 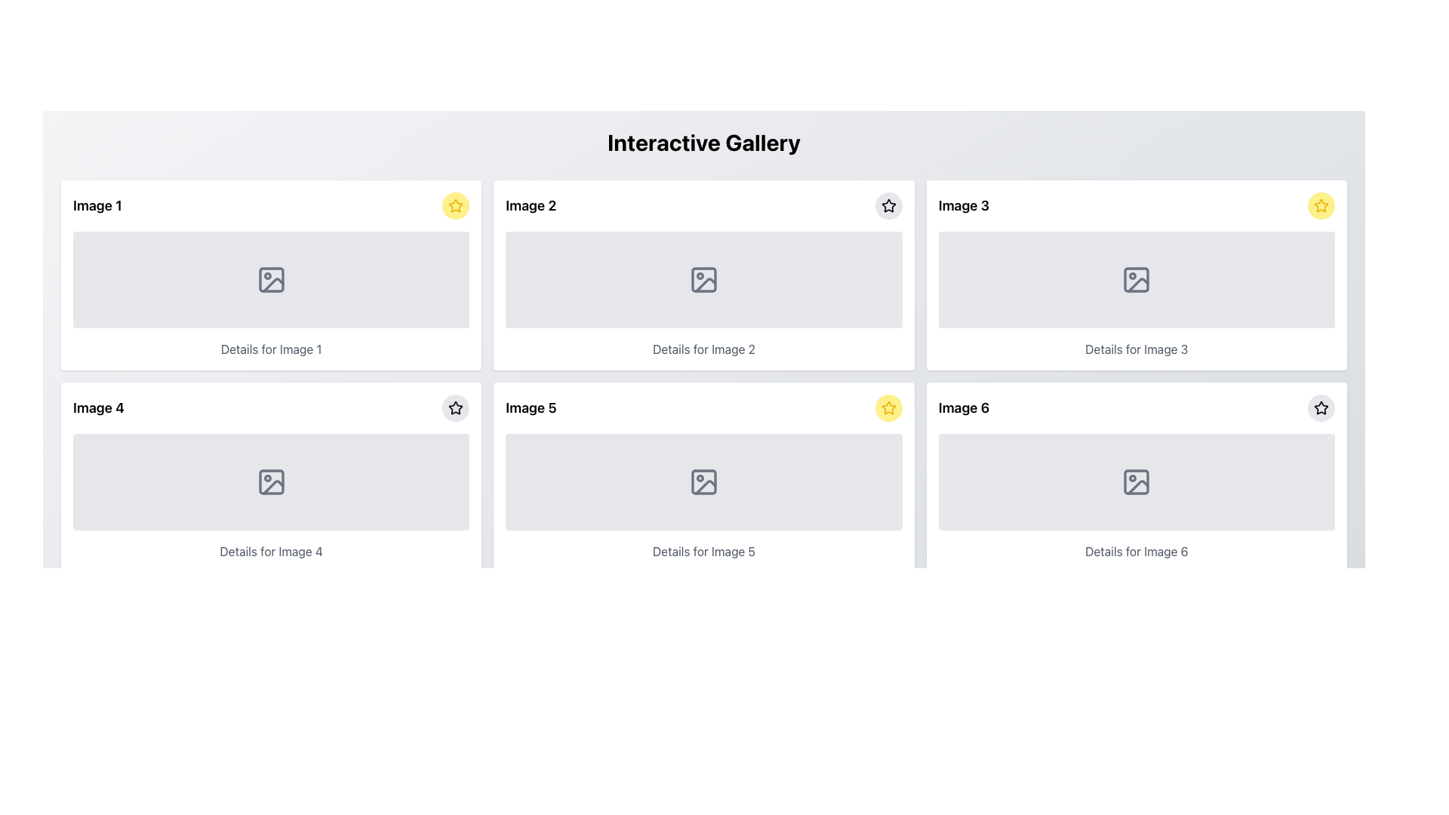 I want to click on the informational card representing 'Image 3' located in the top right corner of the grid layout, adjacent to 'Image 2' on the left and above 'Image 6', so click(x=1137, y=275).